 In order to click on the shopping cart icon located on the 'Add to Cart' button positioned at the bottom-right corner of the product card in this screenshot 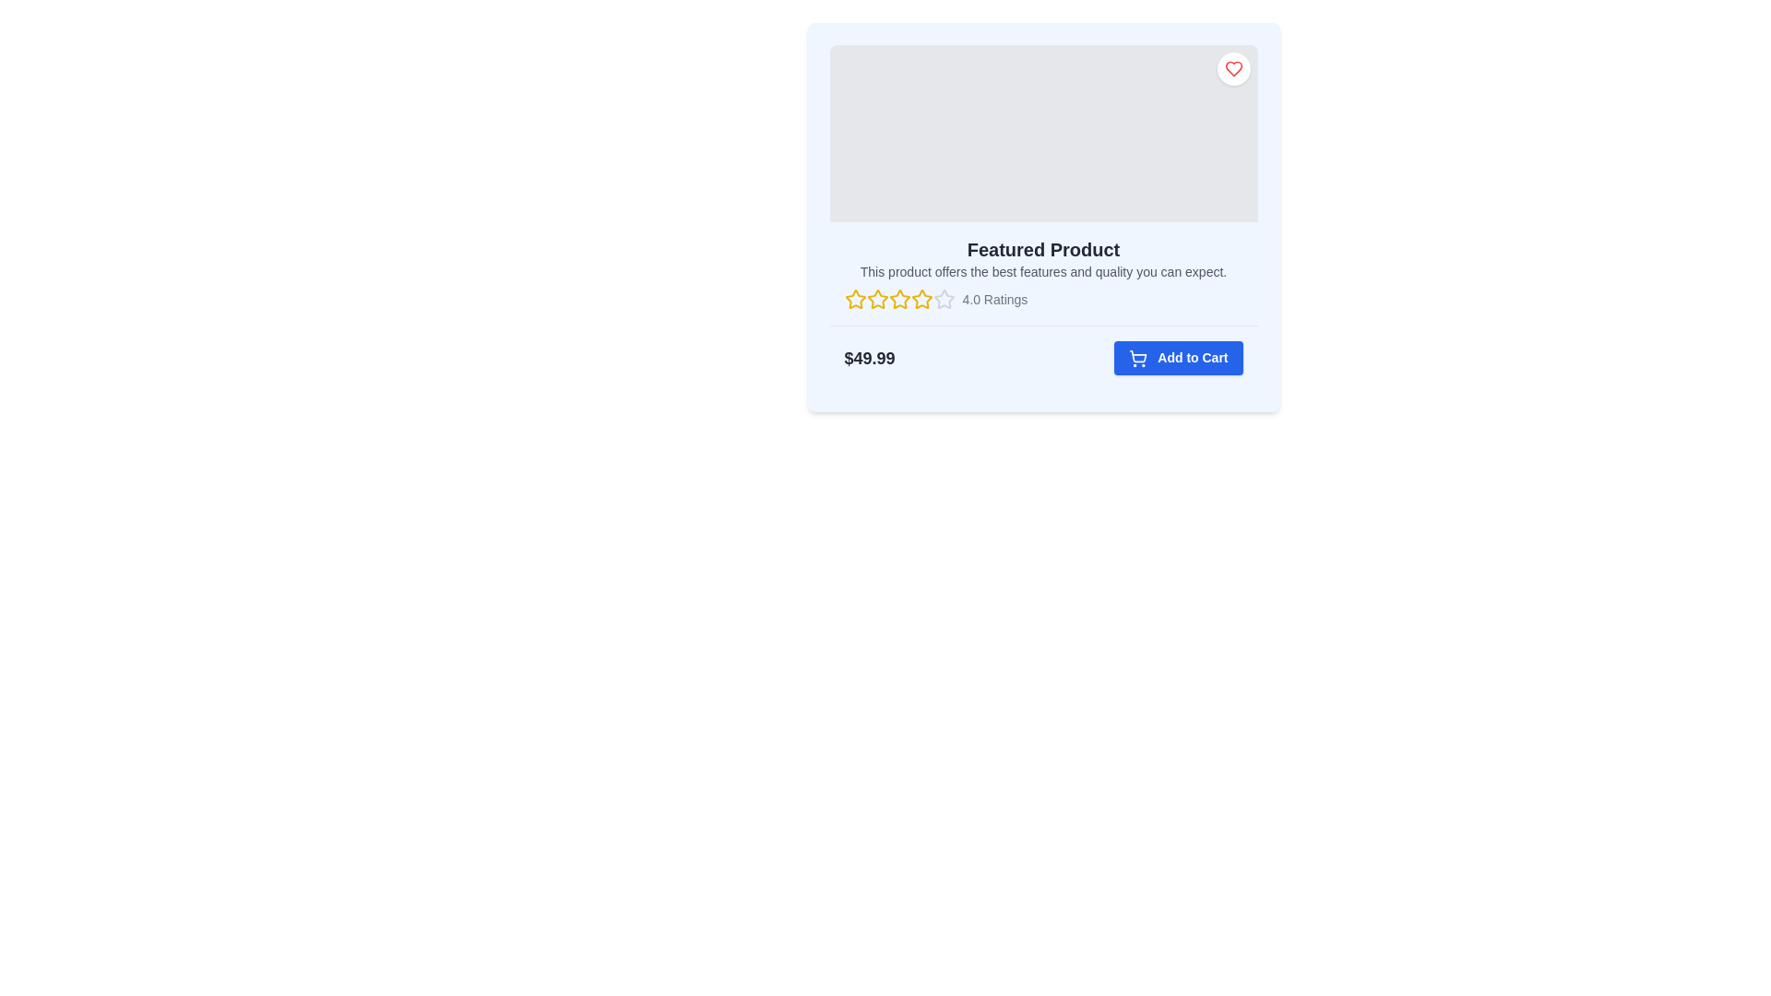, I will do `click(1136, 359)`.